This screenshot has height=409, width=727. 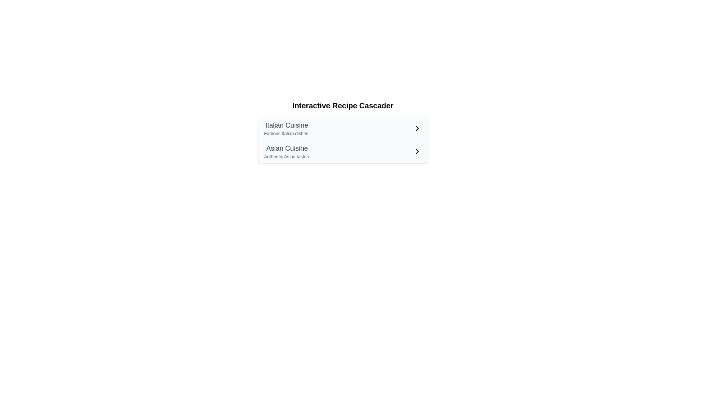 What do you see at coordinates (342, 151) in the screenshot?
I see `the List Item displaying 'Asian Cuisine'` at bounding box center [342, 151].